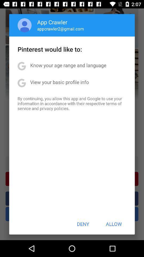  I want to click on icon below the app crawler item, so click(60, 29).